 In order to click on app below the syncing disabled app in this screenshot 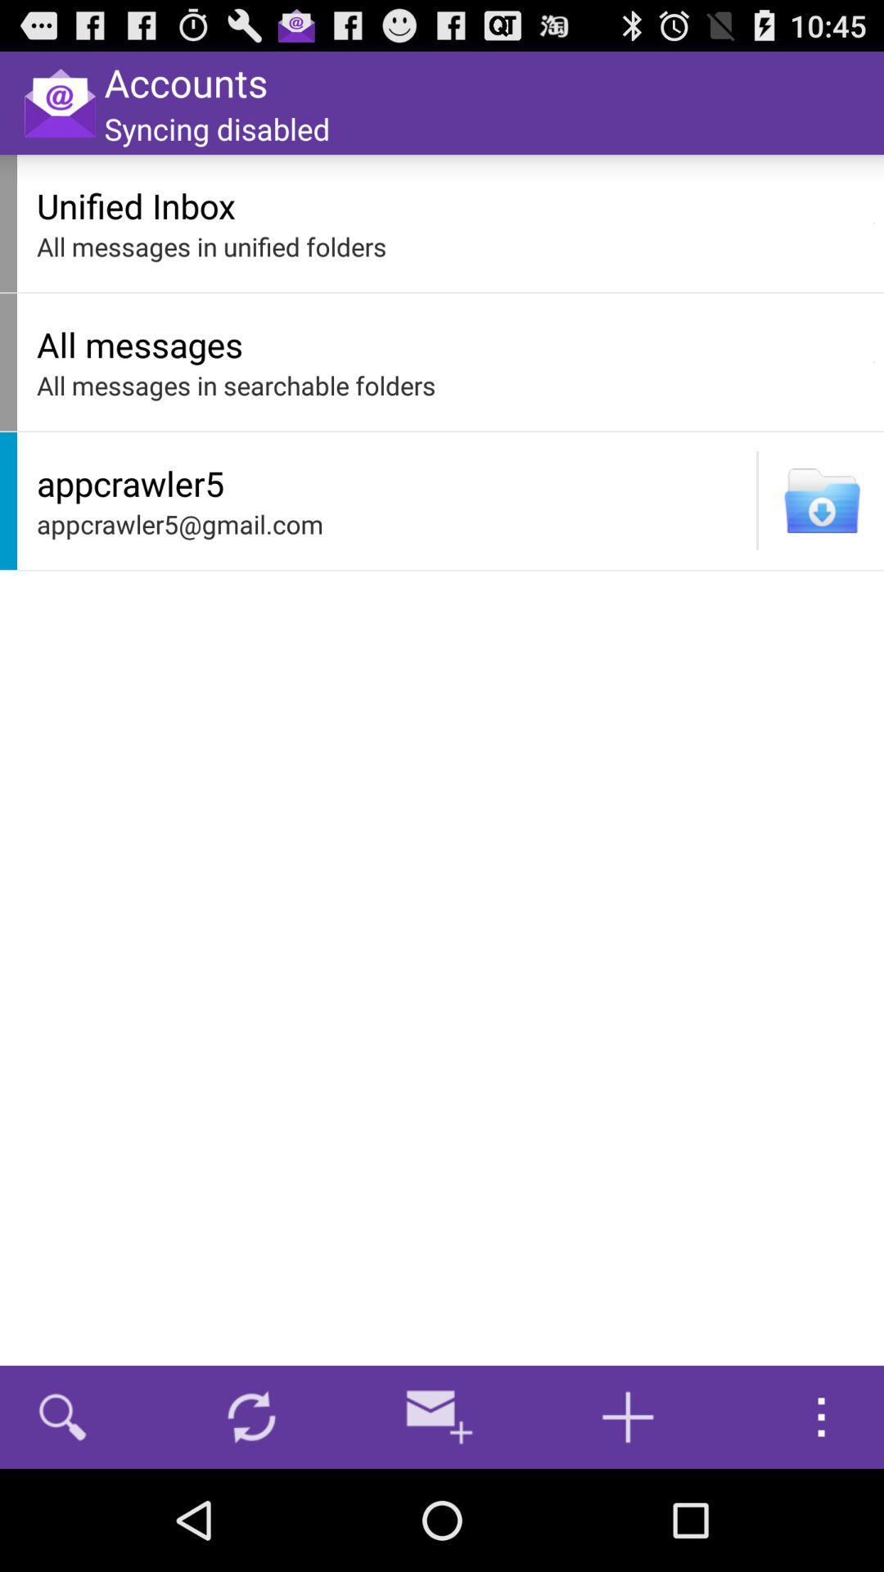, I will do `click(450, 205)`.